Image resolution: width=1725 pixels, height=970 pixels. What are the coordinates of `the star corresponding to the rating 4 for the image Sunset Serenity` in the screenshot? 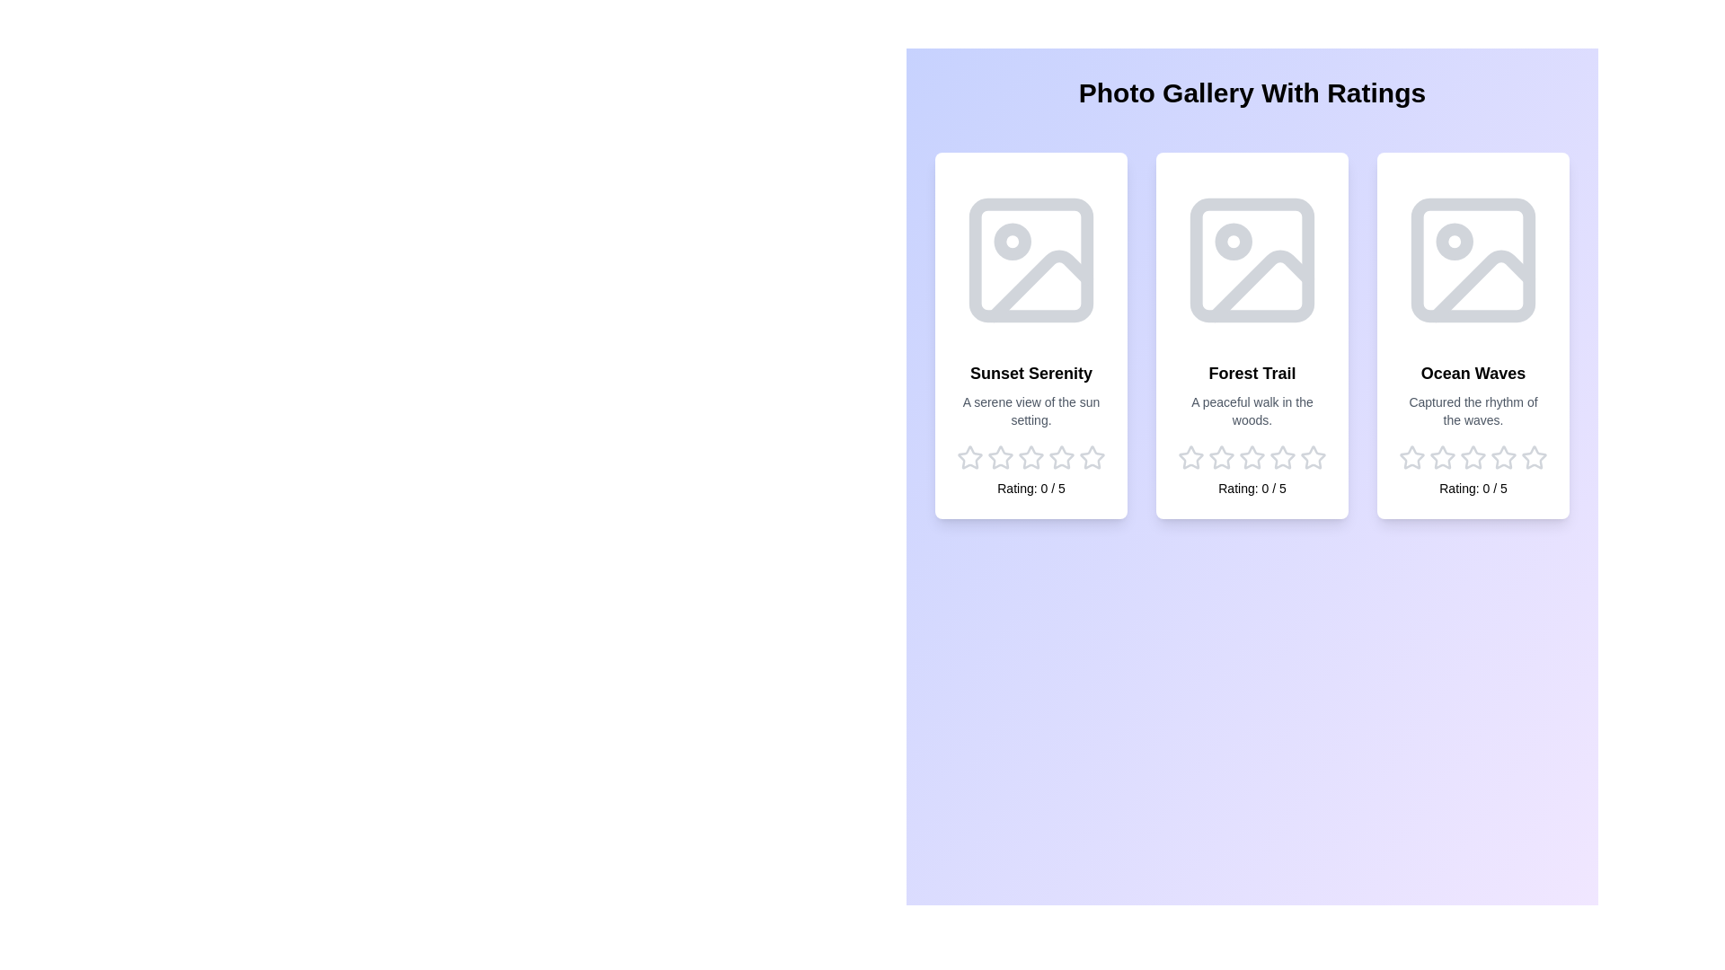 It's located at (1061, 456).